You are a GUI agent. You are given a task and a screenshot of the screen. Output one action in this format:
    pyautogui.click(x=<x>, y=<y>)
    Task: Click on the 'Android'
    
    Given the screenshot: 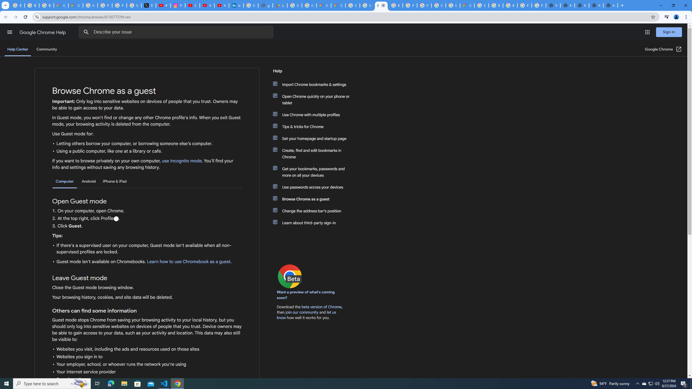 What is the action you would take?
    pyautogui.click(x=88, y=181)
    